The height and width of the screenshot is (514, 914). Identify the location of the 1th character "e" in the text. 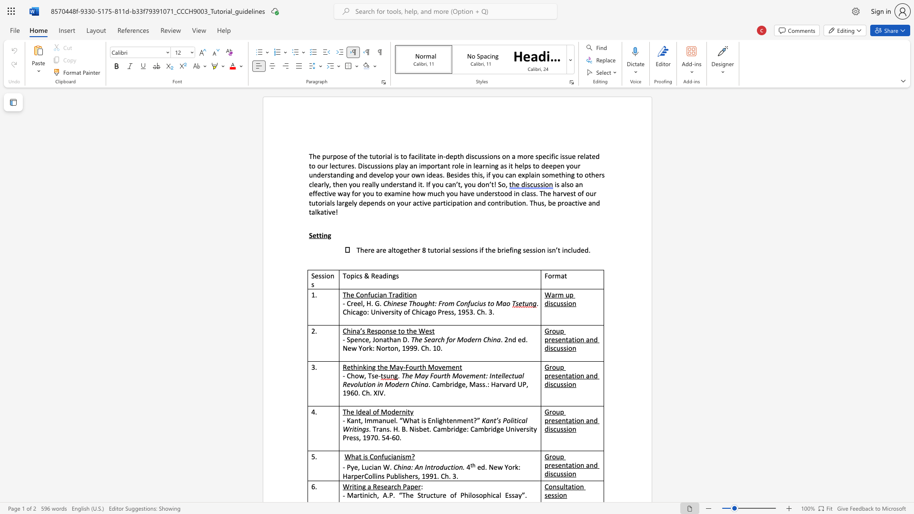
(462, 165).